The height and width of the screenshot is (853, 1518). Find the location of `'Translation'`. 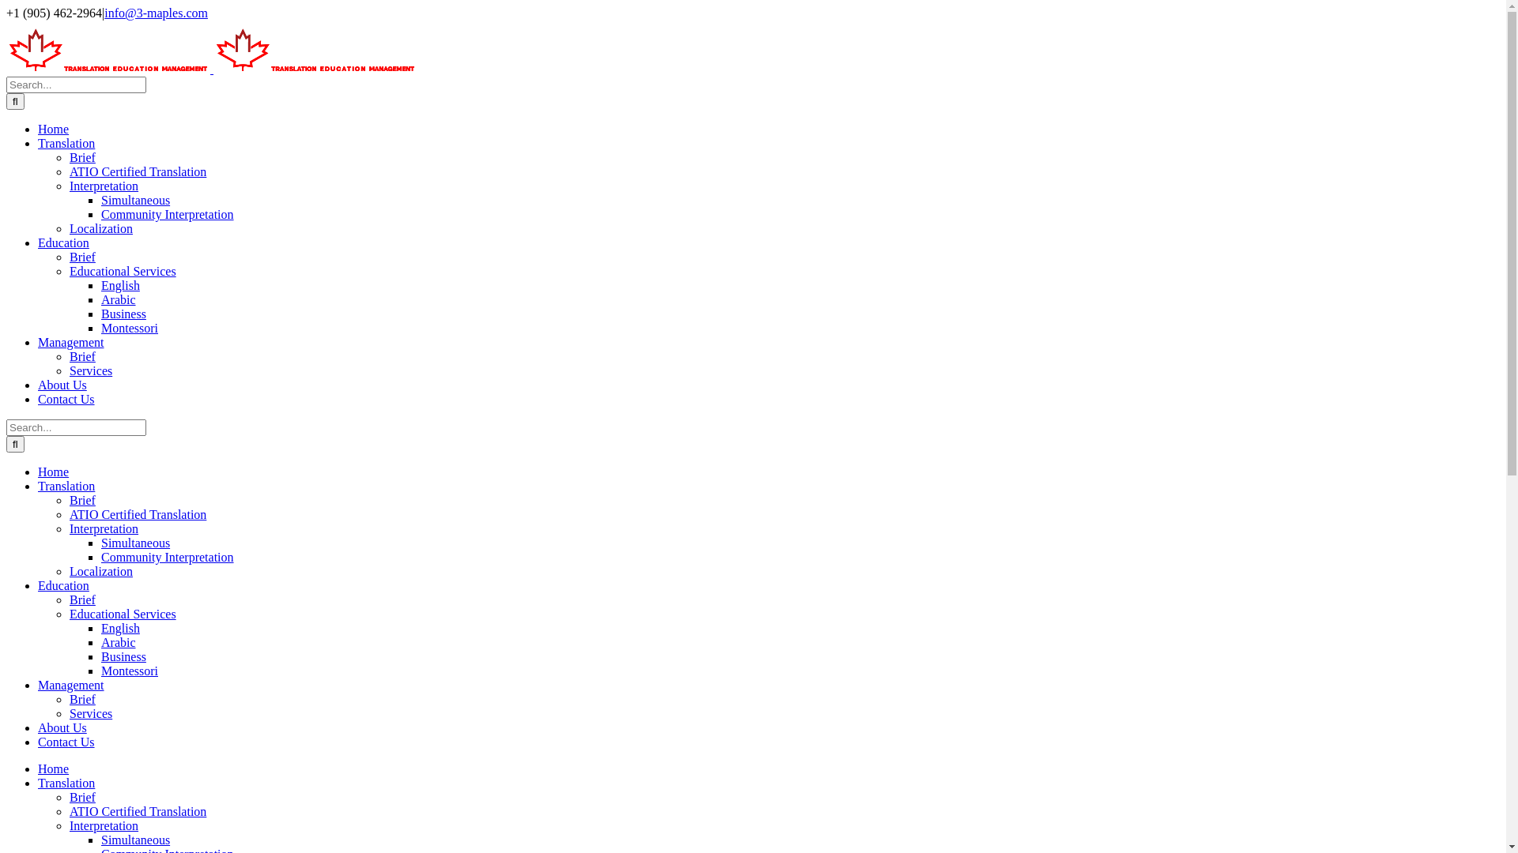

'Translation' is located at coordinates (65, 143).